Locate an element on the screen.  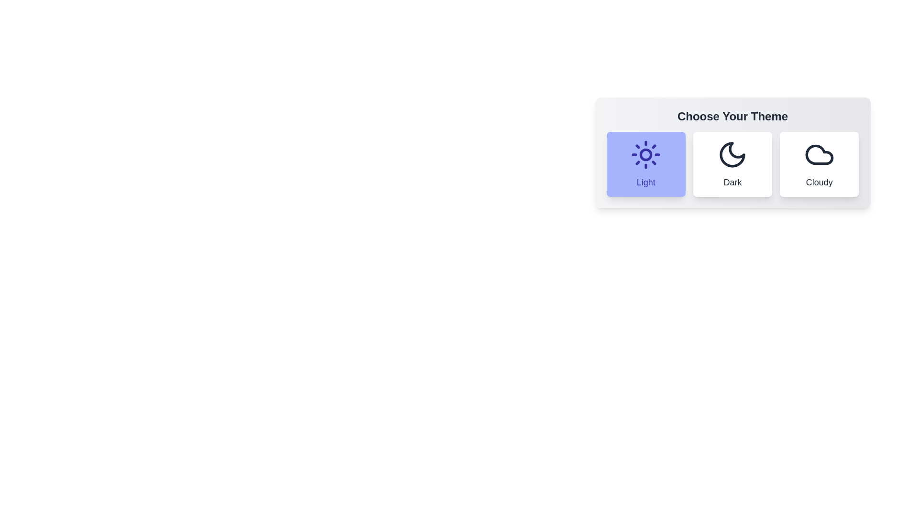
the 'Light', 'Dark', or 'Cloudy' theme option in the theme selection panel located at the top center of the application is located at coordinates (732, 152).